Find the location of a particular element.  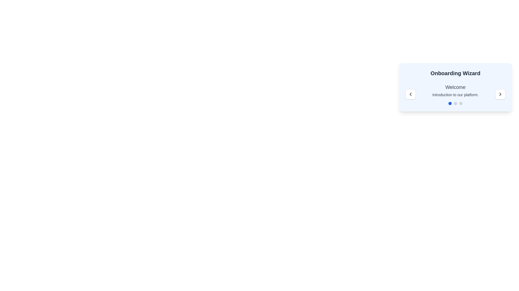

introductory text displayed in the light blue rounded rectangle section below the 'Onboarding Wizard' title, which includes the bold 'Welcome' line and the smaller subtitle 'Introduction to our platform.' is located at coordinates (455, 94).